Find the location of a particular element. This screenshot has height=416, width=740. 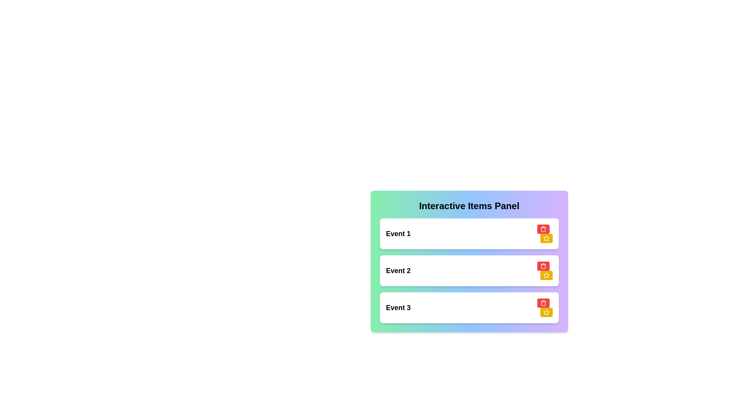

the left-most rectangular button with a red background and a white trash can icon located in the 'Interactive Items Panel' above the yellow star-shaped button is located at coordinates (543, 265).